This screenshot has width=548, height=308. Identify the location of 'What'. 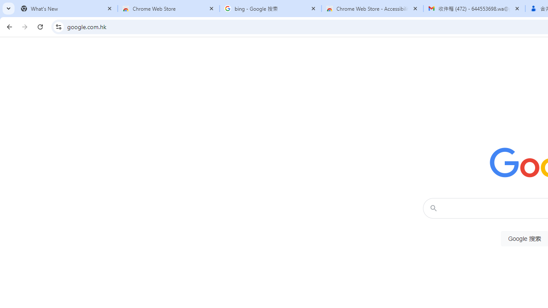
(66, 9).